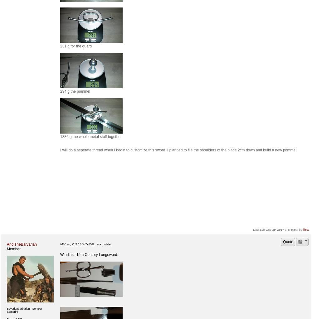 Image resolution: width=312 pixels, height=319 pixels. I want to click on 'via mobile', so click(103, 244).